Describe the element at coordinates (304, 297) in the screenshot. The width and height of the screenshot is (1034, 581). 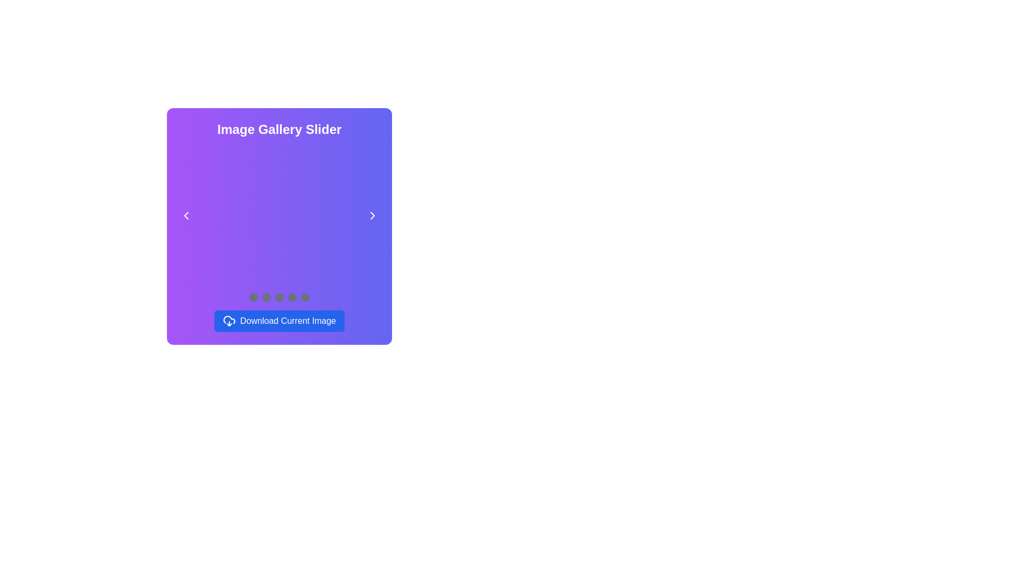
I see `the fifth circle indicator button` at that location.